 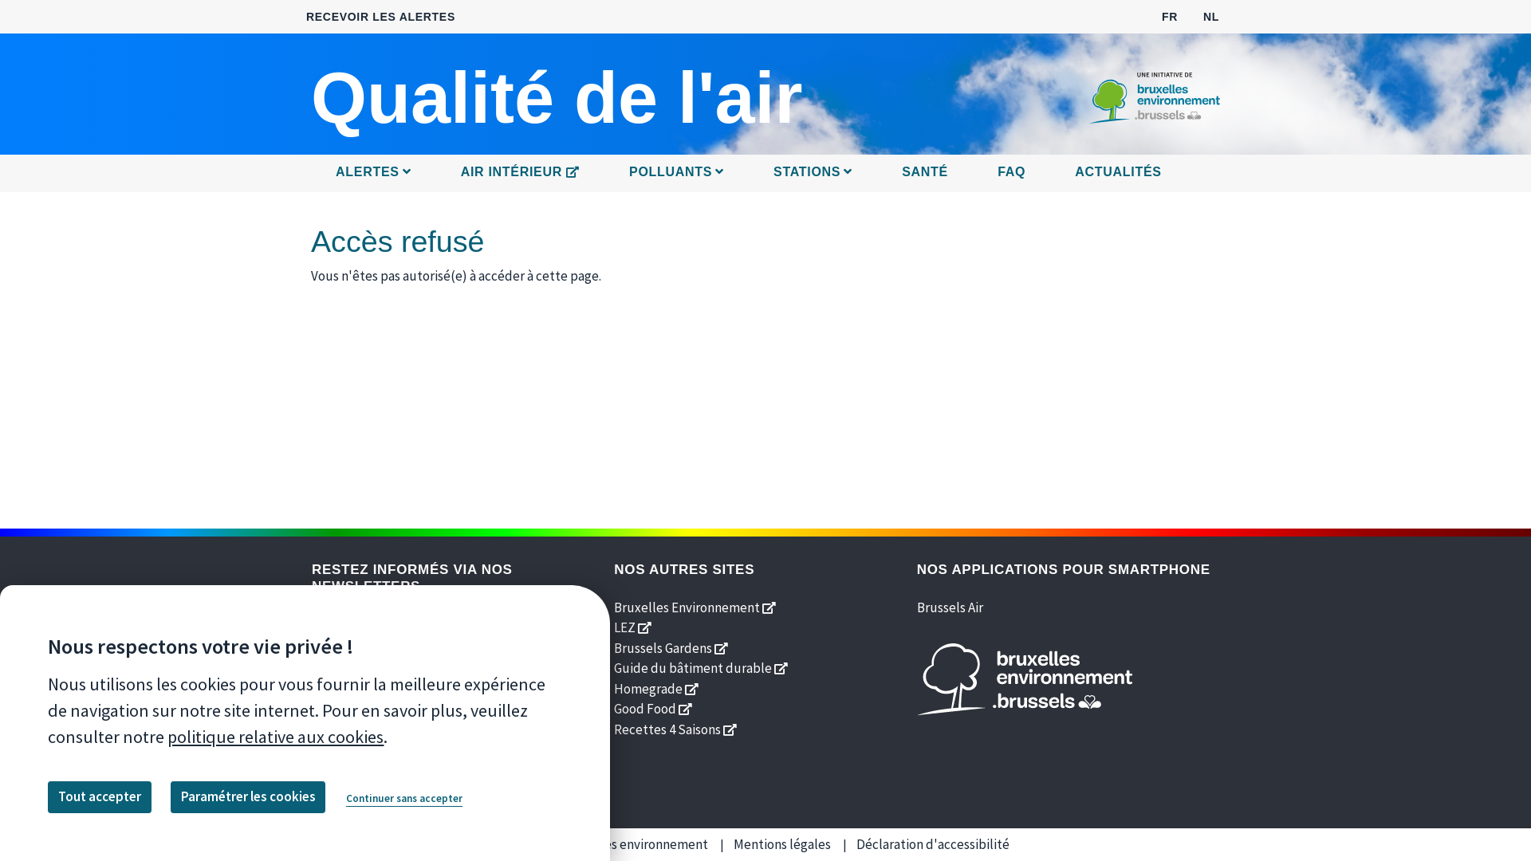 What do you see at coordinates (676, 173) in the screenshot?
I see `'POLLUANTS'` at bounding box center [676, 173].